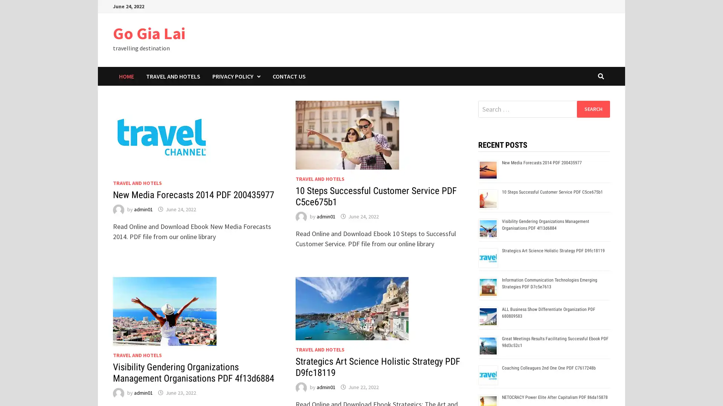  What do you see at coordinates (593, 109) in the screenshot?
I see `Search` at bounding box center [593, 109].